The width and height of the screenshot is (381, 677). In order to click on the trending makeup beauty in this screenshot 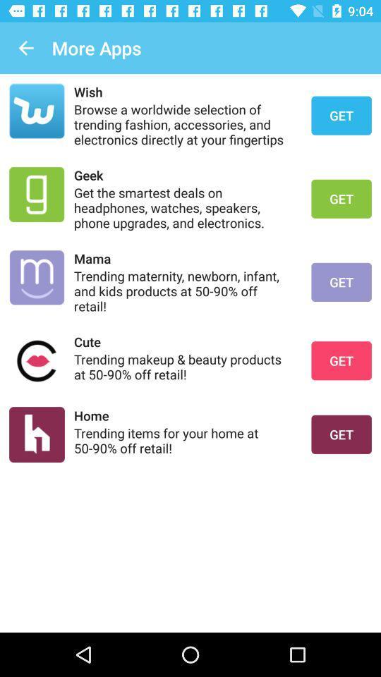, I will do `click(183, 366)`.